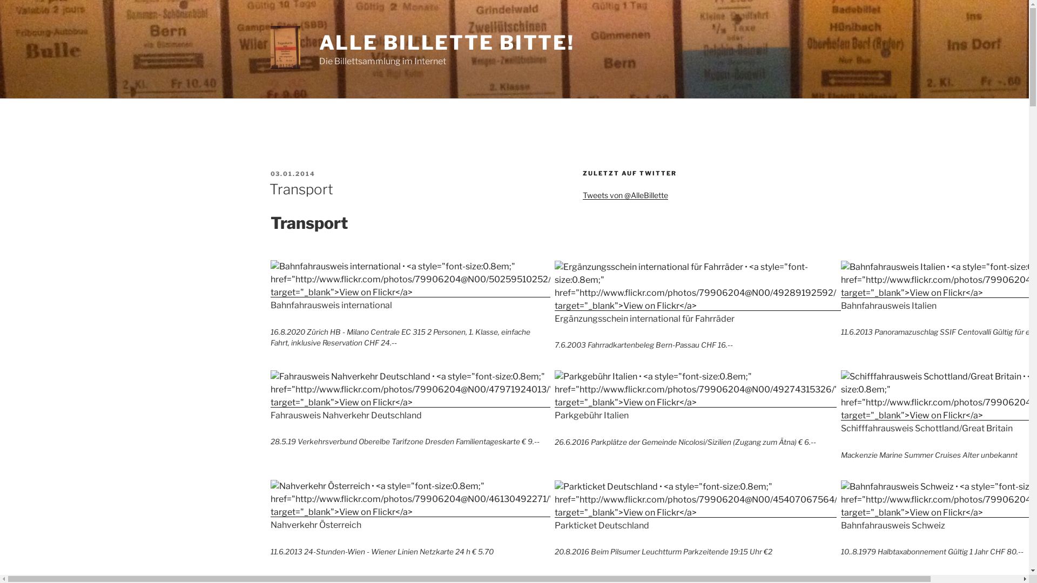  What do you see at coordinates (697, 499) in the screenshot?
I see `'Parkticket Deutschland'` at bounding box center [697, 499].